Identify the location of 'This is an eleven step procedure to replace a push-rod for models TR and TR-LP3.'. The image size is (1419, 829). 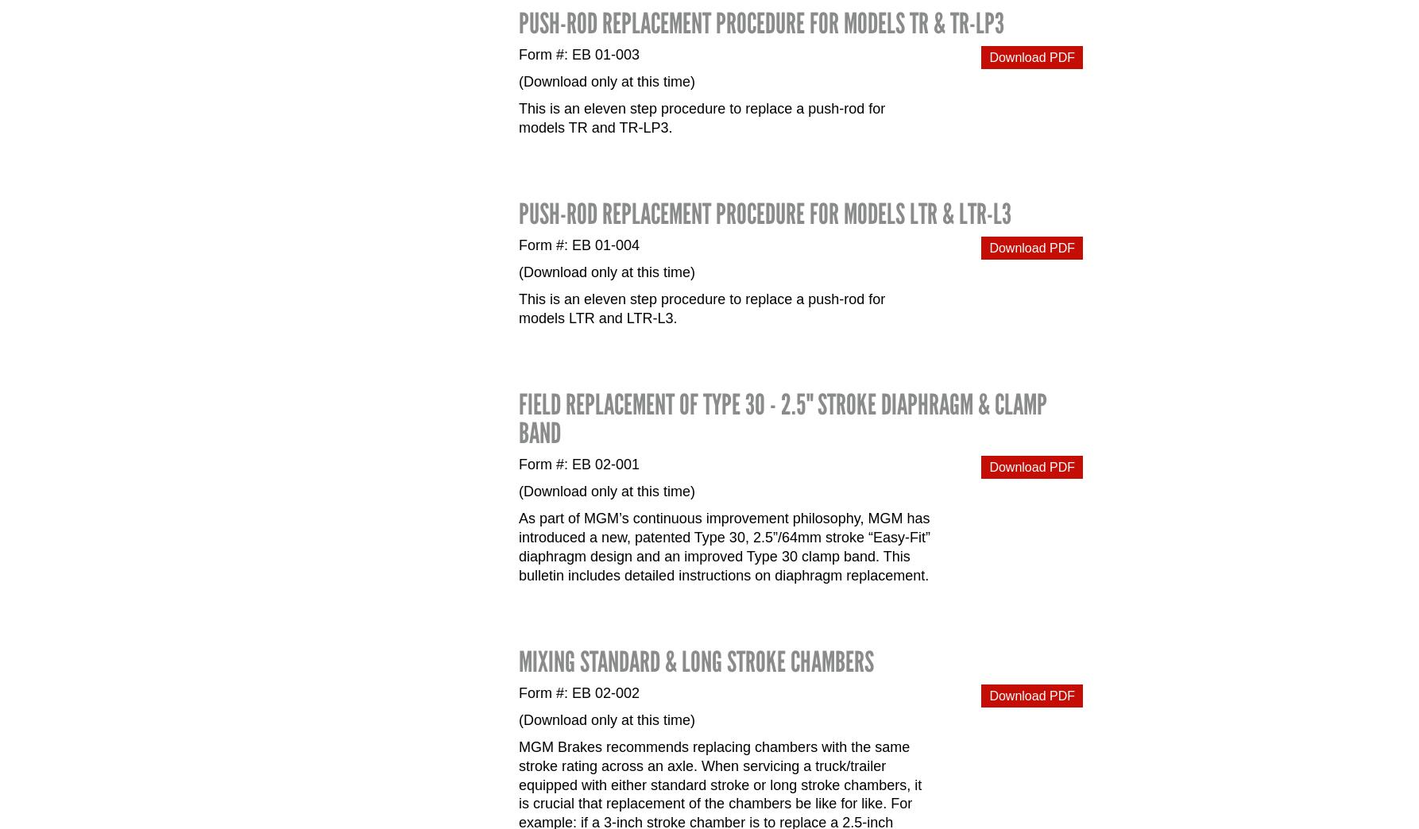
(701, 117).